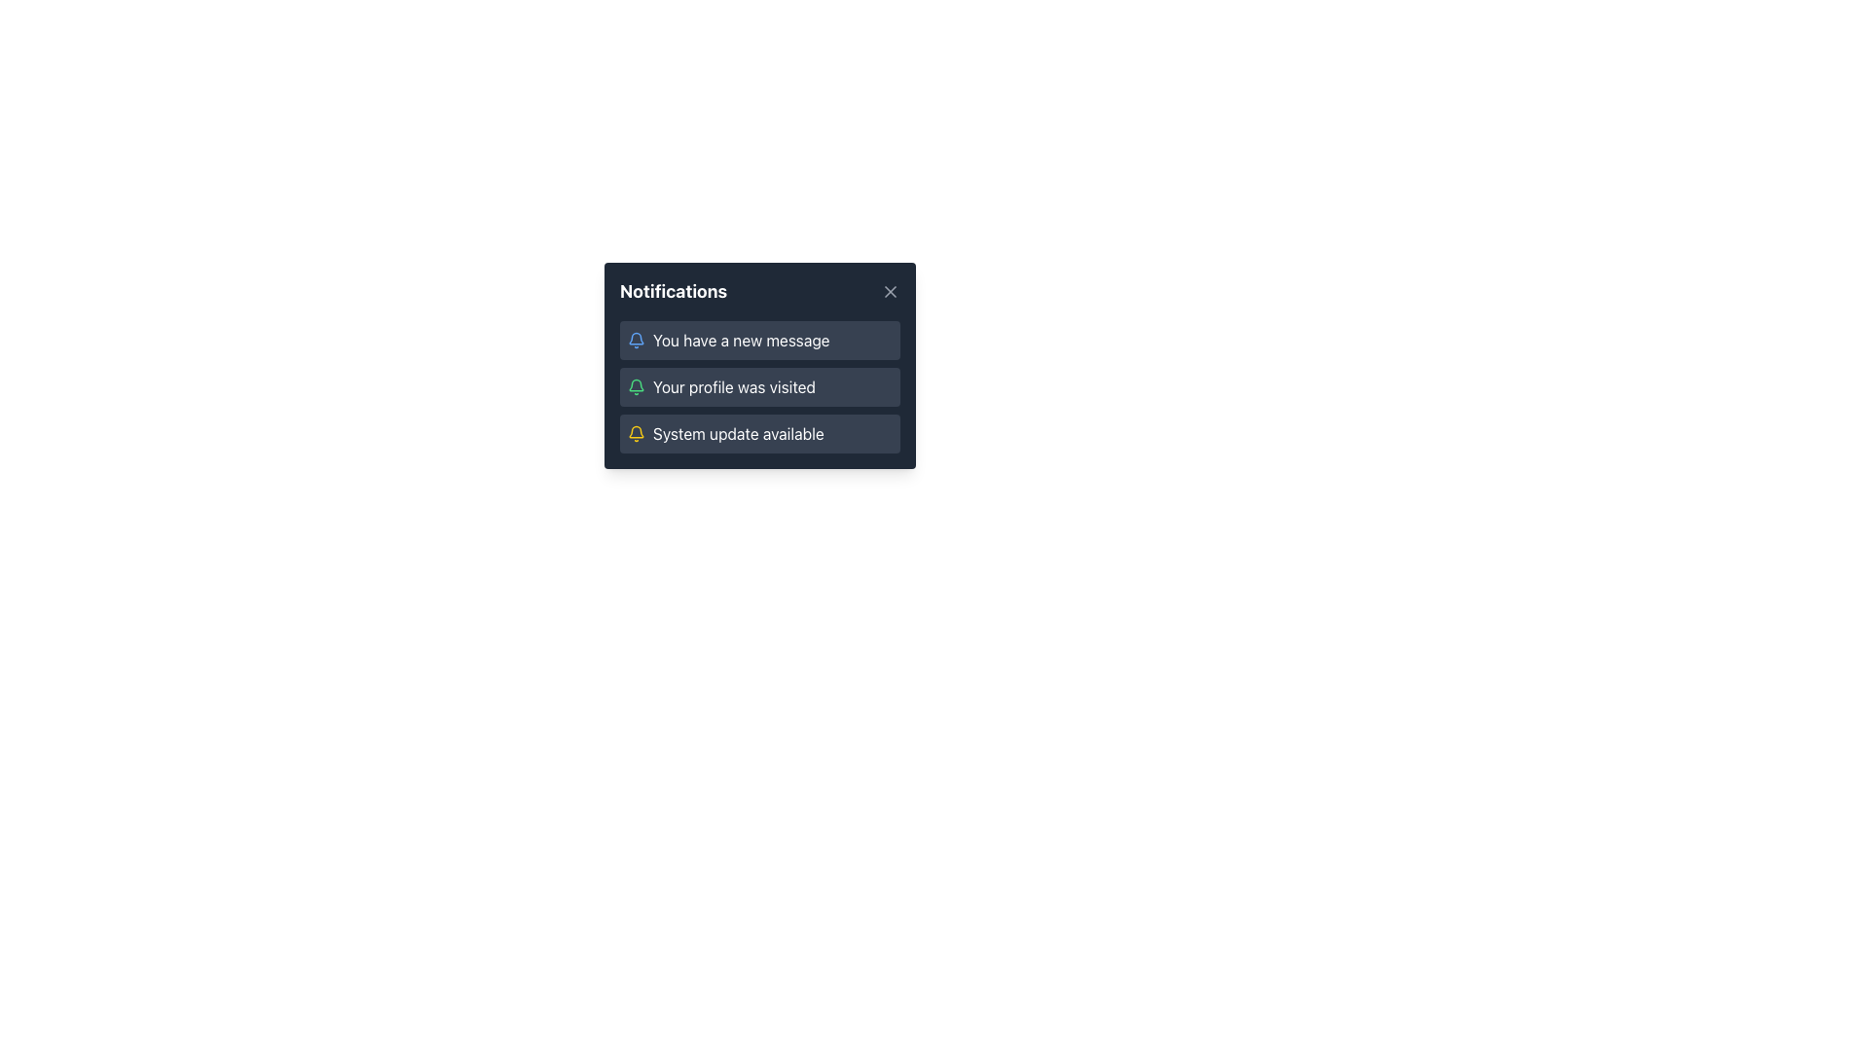  What do you see at coordinates (636, 433) in the screenshot?
I see `the yellow bell icon located adjacent to the 'System update available' notification text in the third notification section of the 'Notifications' pop-up` at bounding box center [636, 433].